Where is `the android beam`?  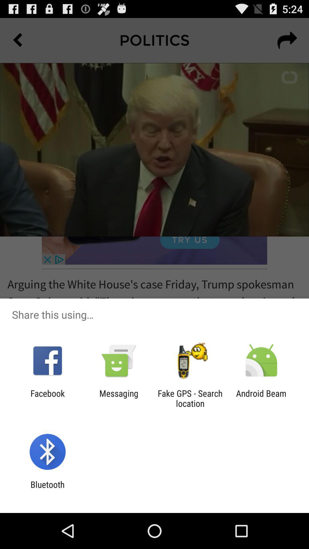
the android beam is located at coordinates (261, 398).